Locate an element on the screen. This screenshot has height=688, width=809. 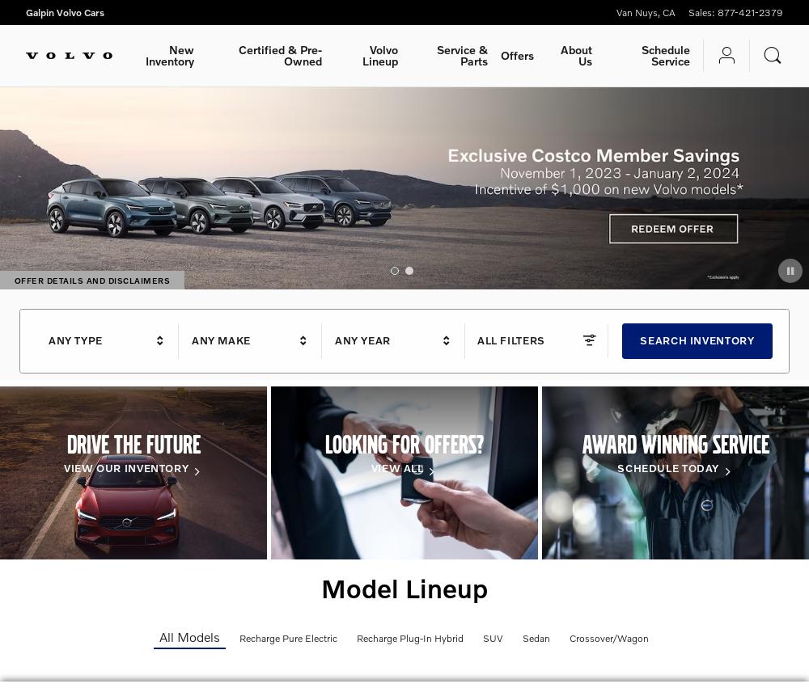
'Drive The Future' is located at coordinates (133, 442).